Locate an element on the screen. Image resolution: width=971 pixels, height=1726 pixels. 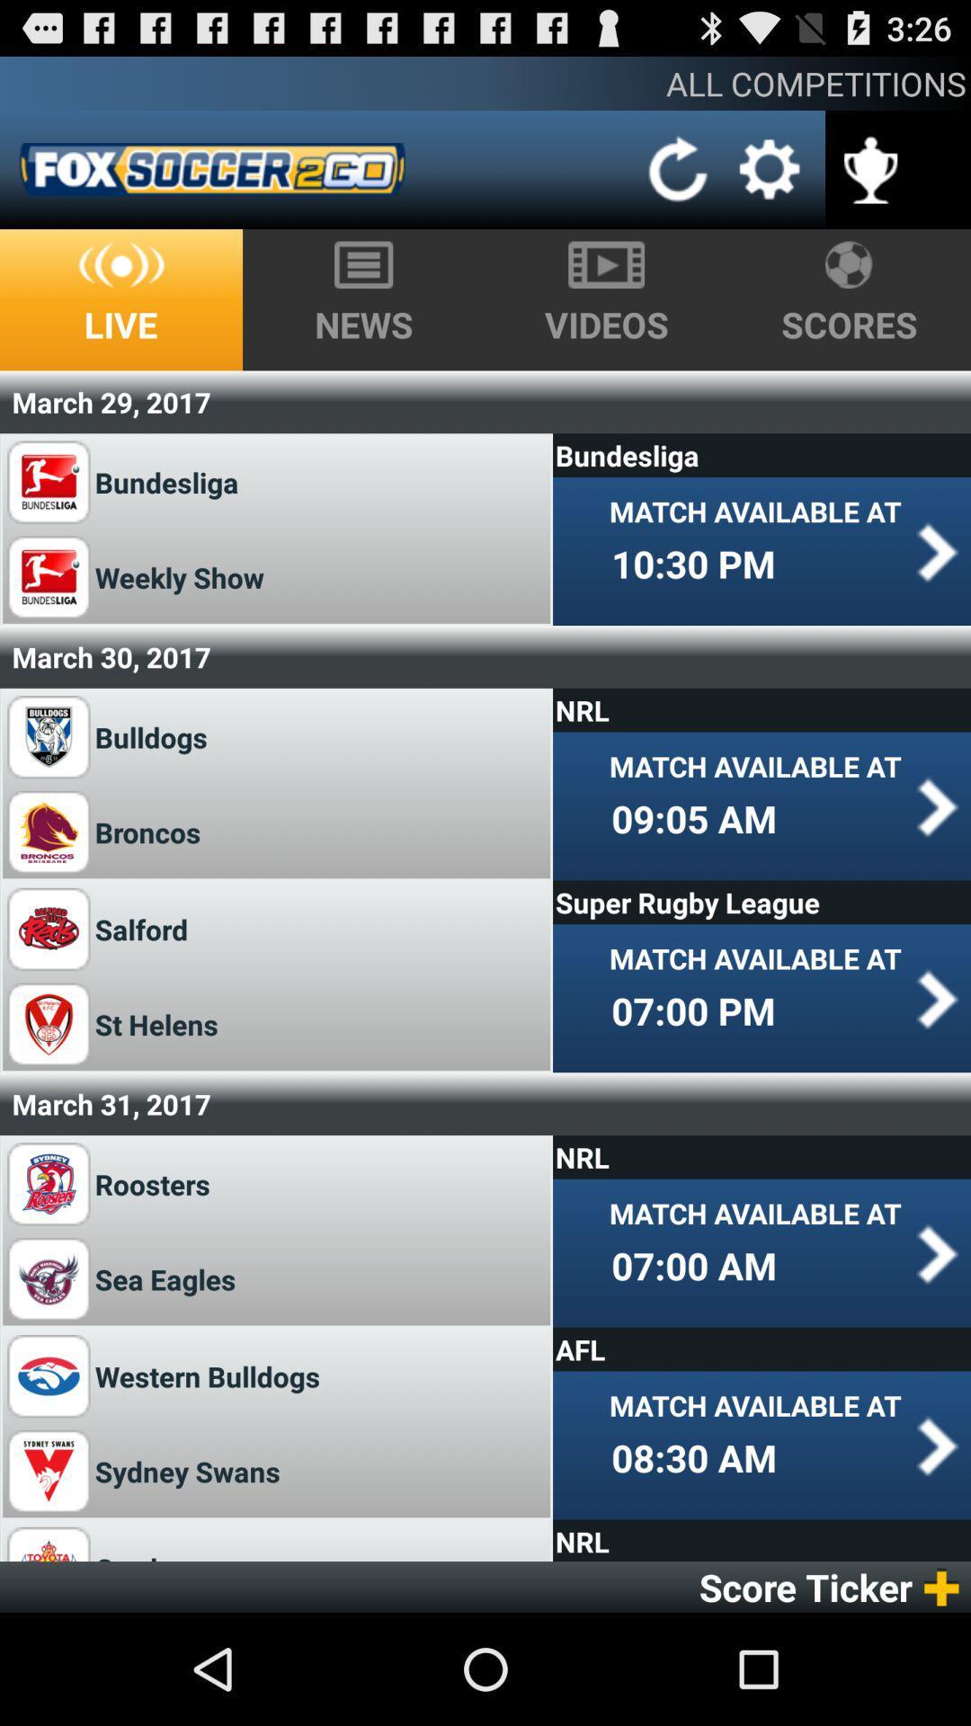
the refresh icon is located at coordinates (679, 182).